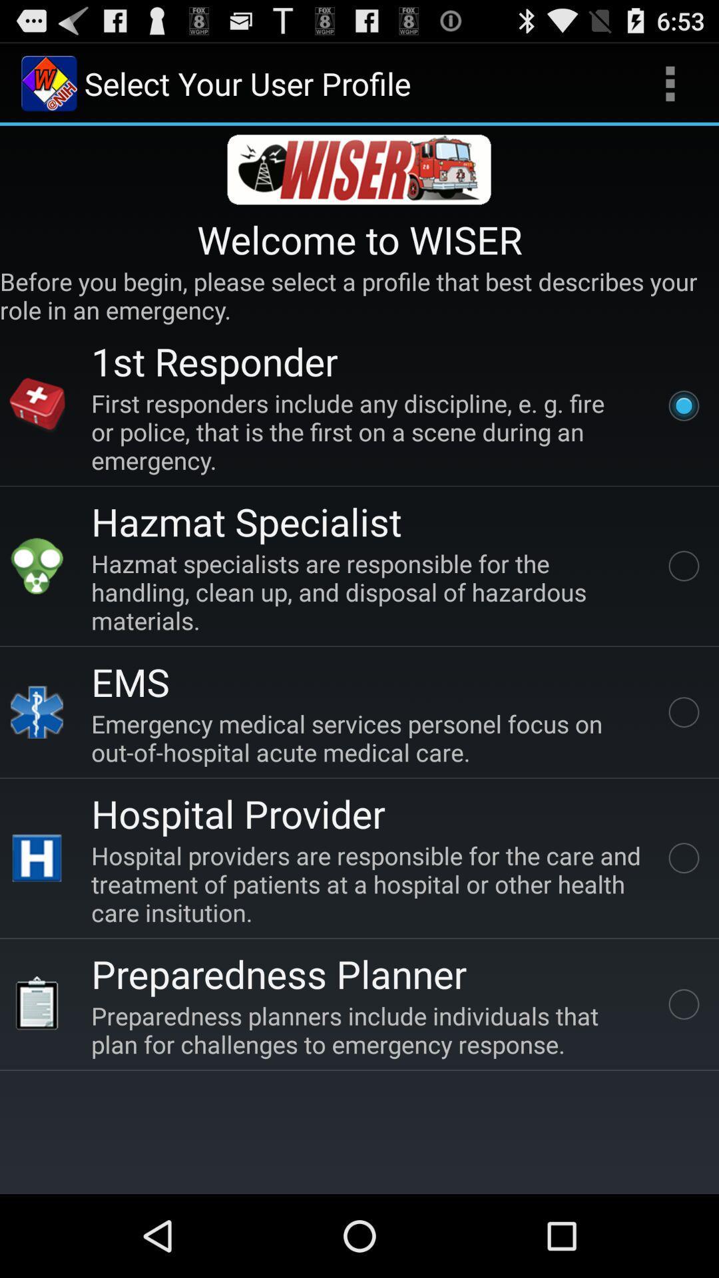  Describe the element at coordinates (369, 884) in the screenshot. I see `the app below the hospital provider icon` at that location.